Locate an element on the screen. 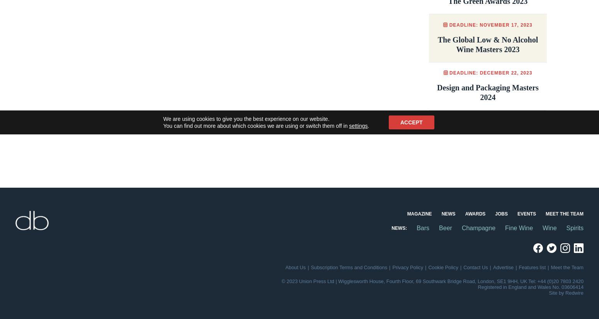  '+44 (0)20 7803 2420' is located at coordinates (560, 281).